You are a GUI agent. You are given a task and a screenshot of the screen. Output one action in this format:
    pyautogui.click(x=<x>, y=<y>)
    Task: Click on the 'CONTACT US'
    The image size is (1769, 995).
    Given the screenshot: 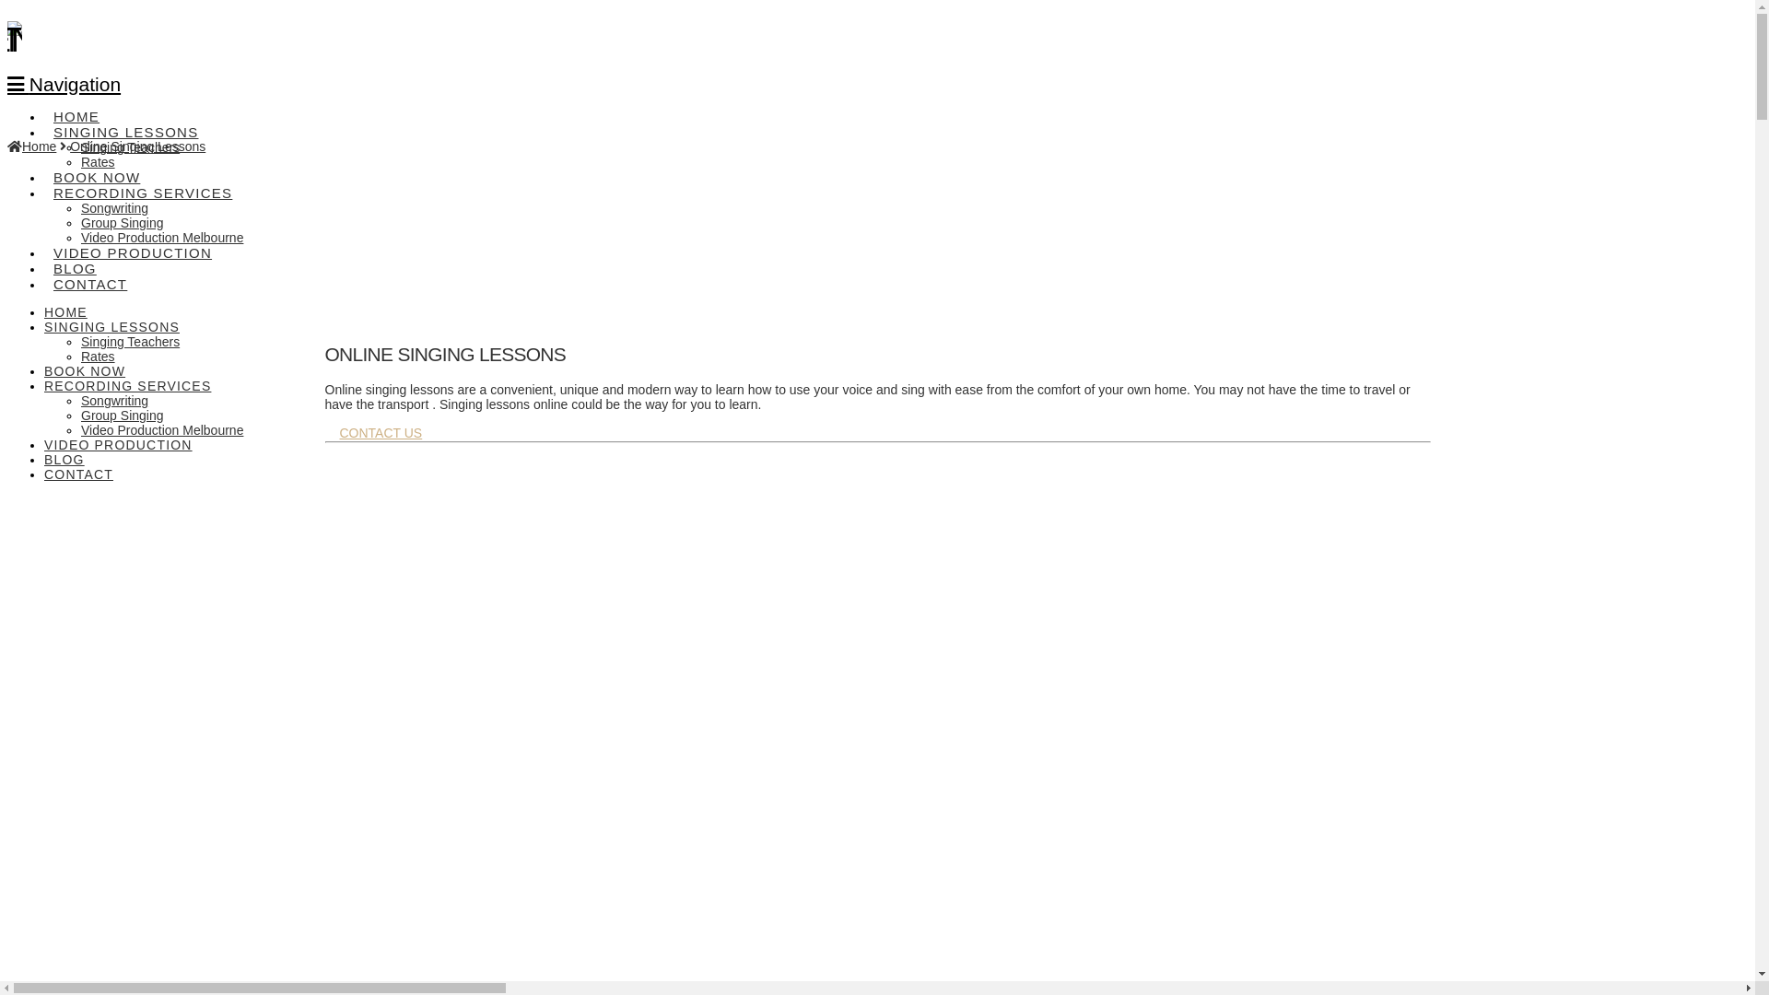 What is the action you would take?
    pyautogui.click(x=379, y=434)
    